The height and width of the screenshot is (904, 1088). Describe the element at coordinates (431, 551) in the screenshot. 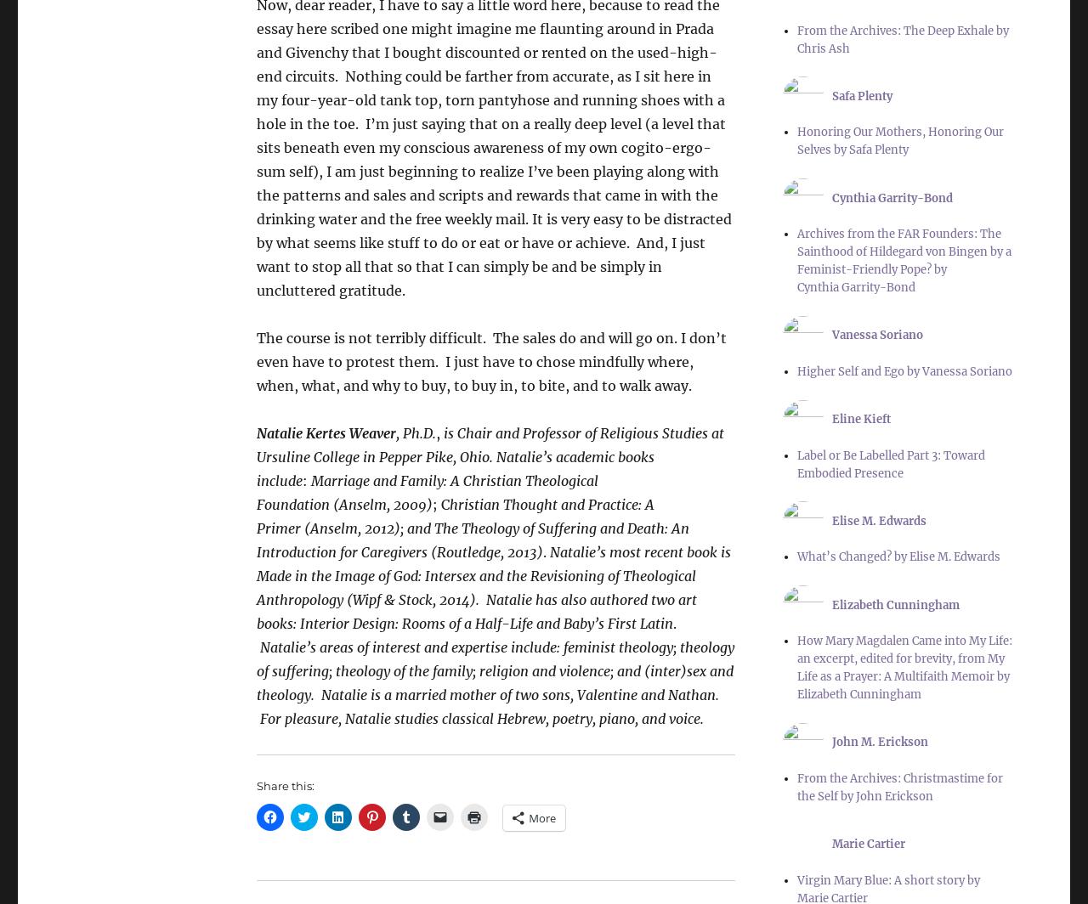

I see `'(Routledge, 2013)'` at that location.